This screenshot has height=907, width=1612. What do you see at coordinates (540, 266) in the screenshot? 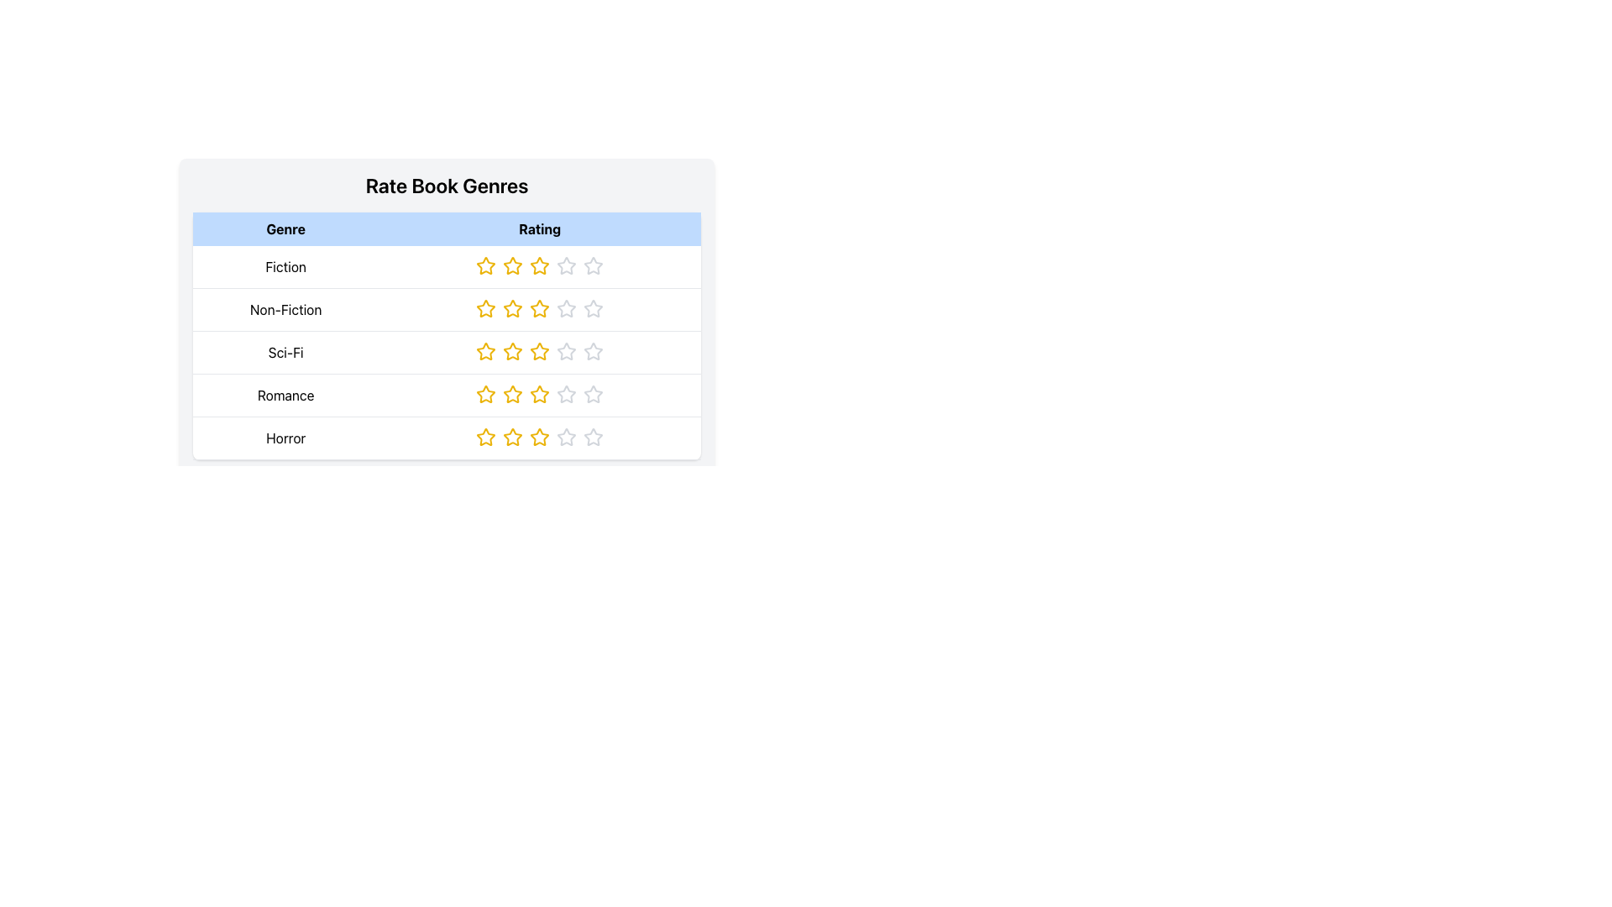
I see `the third star in the star rating component for the 'Fiction' genre` at bounding box center [540, 266].